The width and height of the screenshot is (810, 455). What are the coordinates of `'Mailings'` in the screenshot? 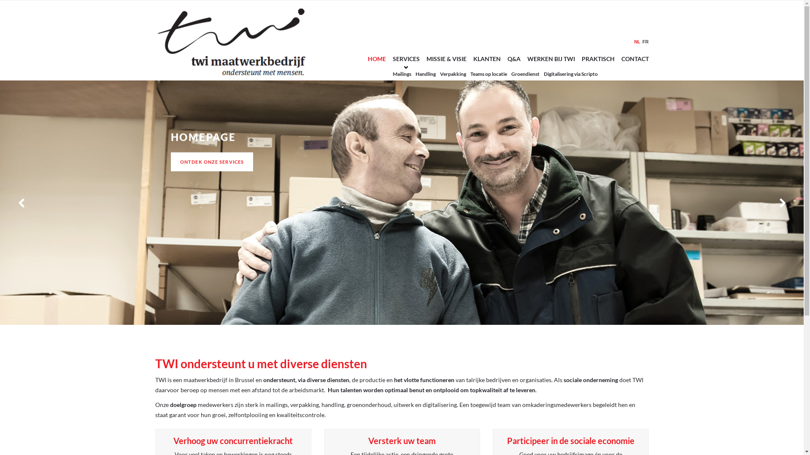 It's located at (392, 73).